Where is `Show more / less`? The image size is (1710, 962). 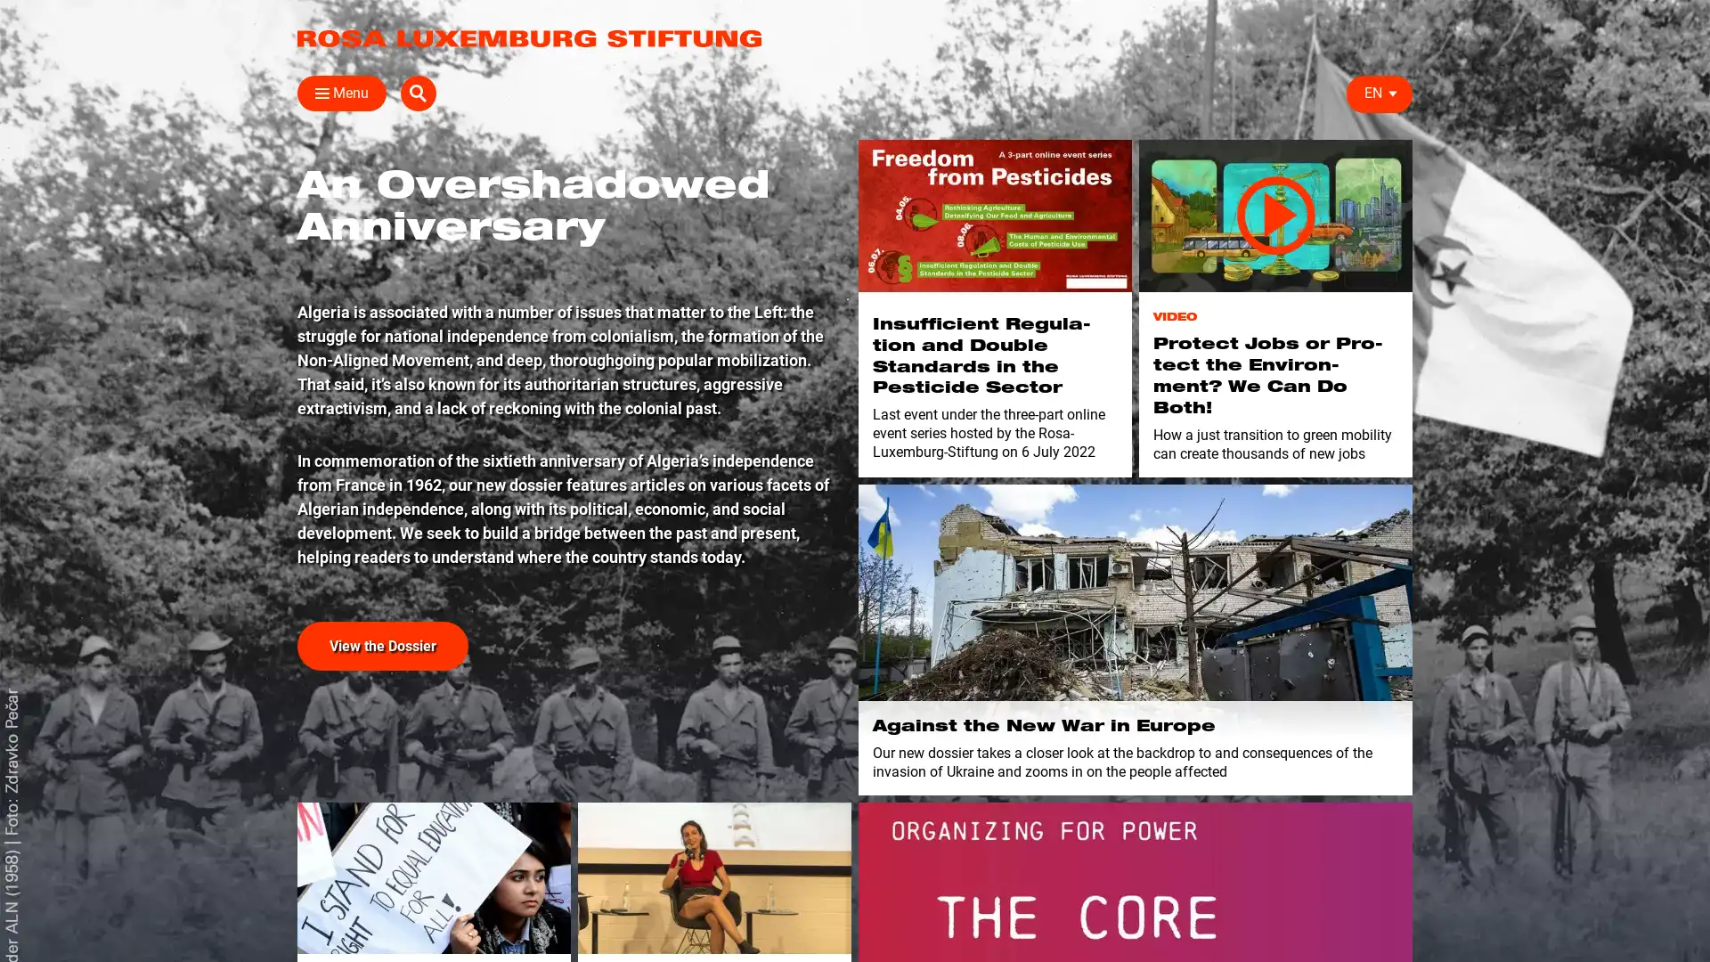 Show more / less is located at coordinates (567, 267).